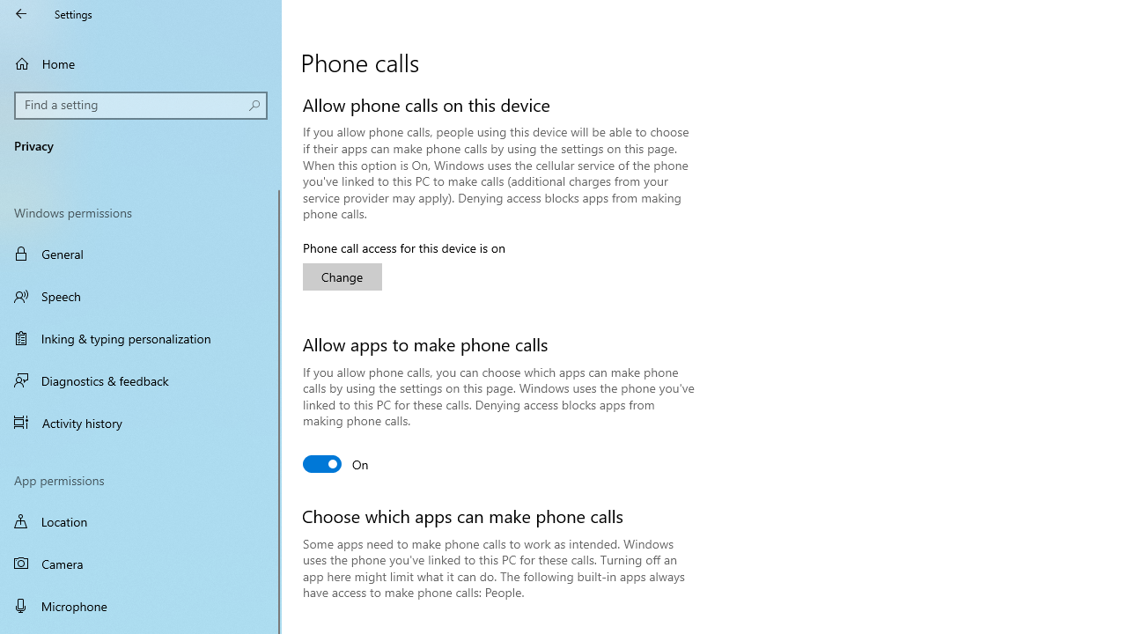  What do you see at coordinates (141, 422) in the screenshot?
I see `'Activity history'` at bounding box center [141, 422].